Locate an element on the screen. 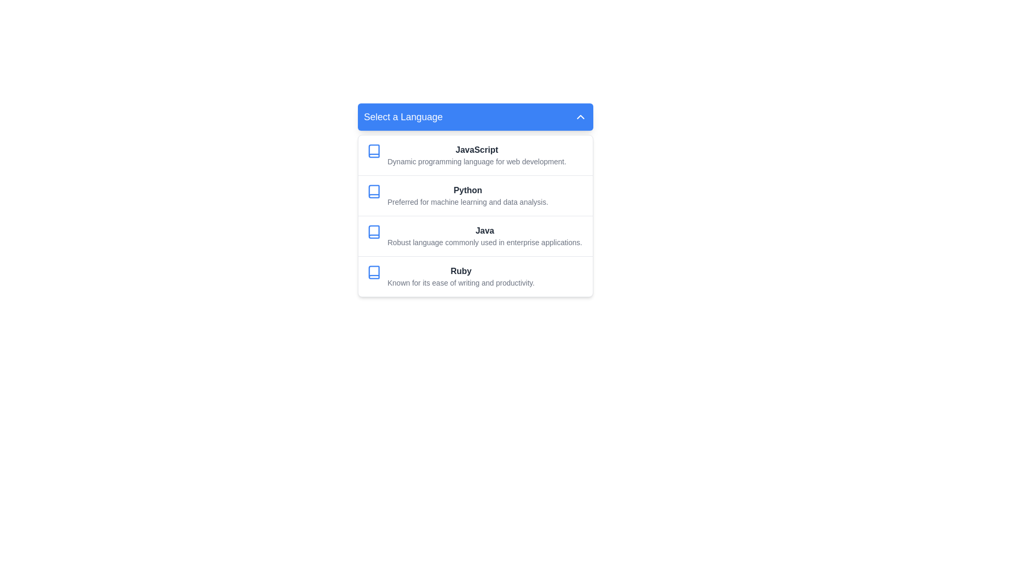  the second option in the language selection dropdown menu, which describes Python as a language for machine learning and data analysis is located at coordinates (475, 195).